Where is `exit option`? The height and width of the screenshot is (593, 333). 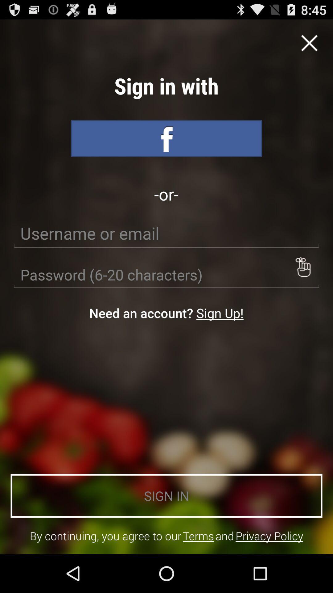
exit option is located at coordinates (309, 43).